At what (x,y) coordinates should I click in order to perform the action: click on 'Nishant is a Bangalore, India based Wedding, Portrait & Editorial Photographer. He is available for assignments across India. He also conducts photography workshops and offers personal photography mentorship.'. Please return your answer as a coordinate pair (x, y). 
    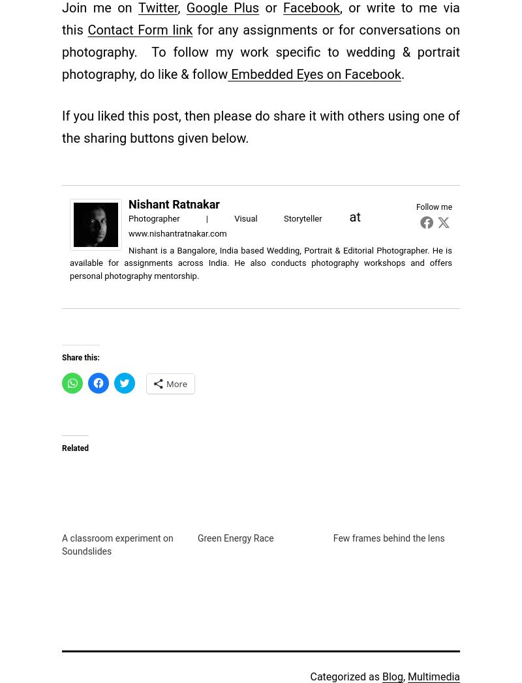
    Looking at the image, I should click on (261, 262).